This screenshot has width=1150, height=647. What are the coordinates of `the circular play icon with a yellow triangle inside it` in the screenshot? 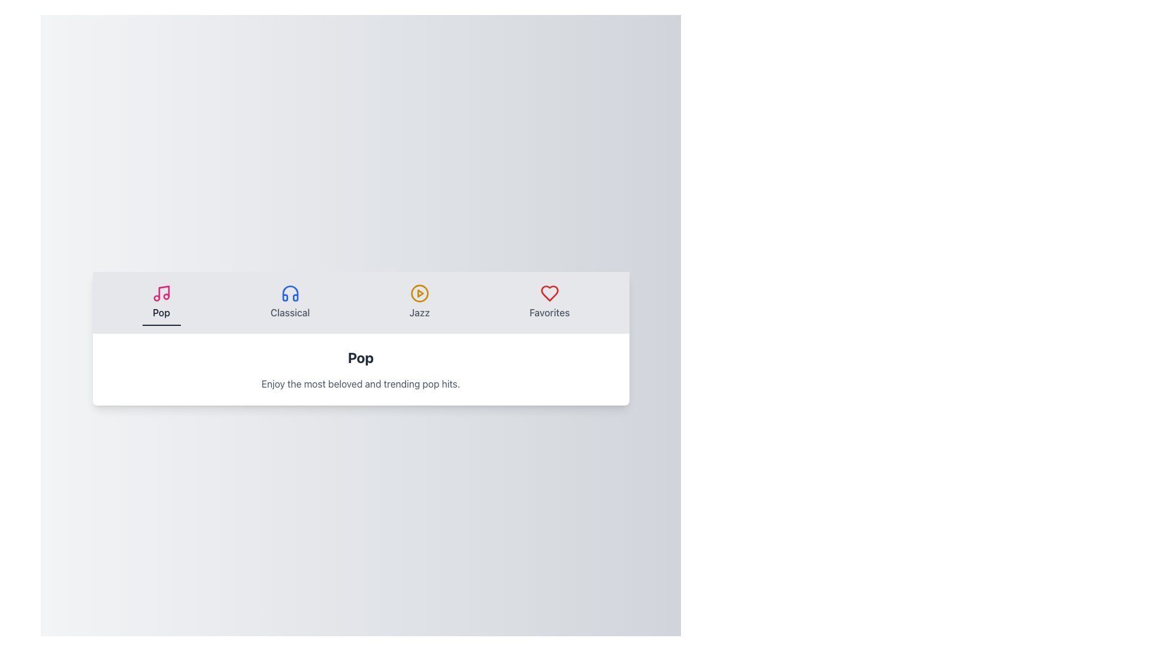 It's located at (419, 293).